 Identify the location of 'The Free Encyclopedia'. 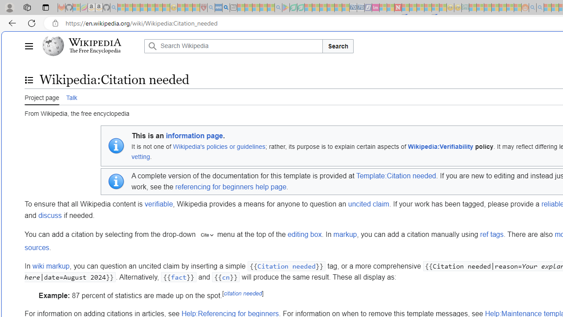
(95, 51).